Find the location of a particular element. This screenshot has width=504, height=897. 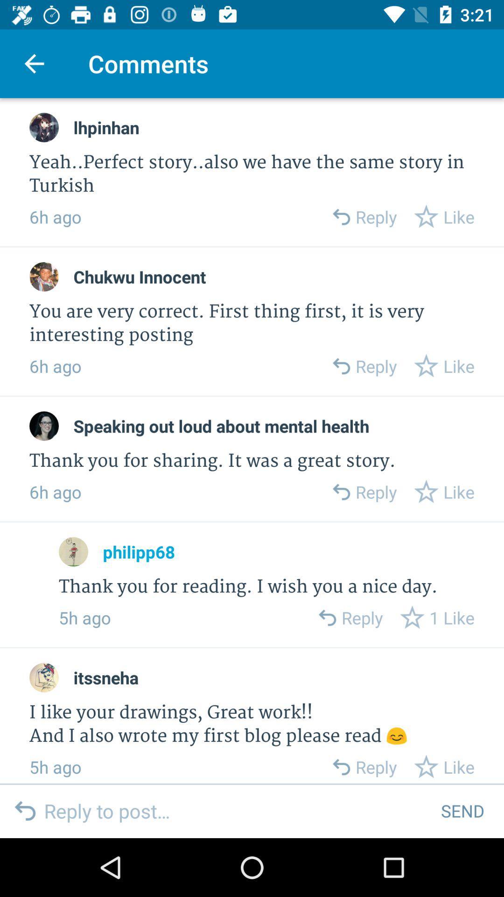

i like your item is located at coordinates (252, 724).